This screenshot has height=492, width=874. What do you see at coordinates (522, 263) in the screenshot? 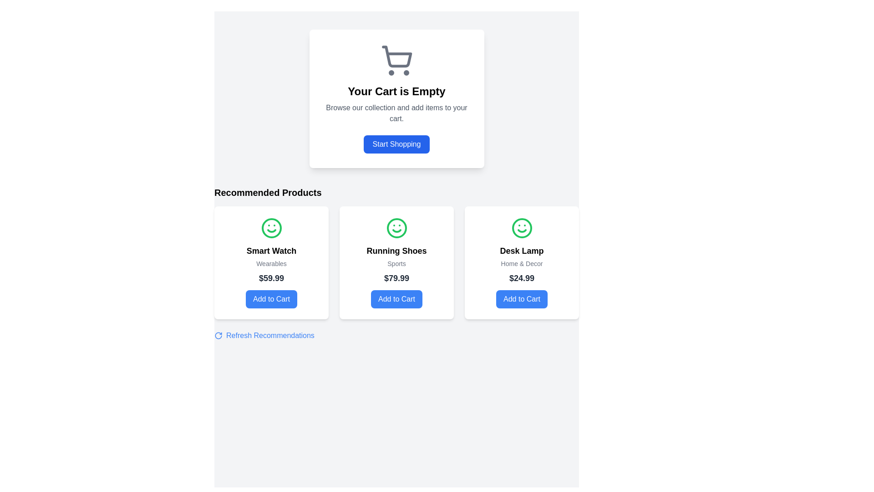
I see `the text label indicating the category of the product 'Desk Lamp', which is located below the title and above the price in the last product card of a horizontal list` at bounding box center [522, 263].